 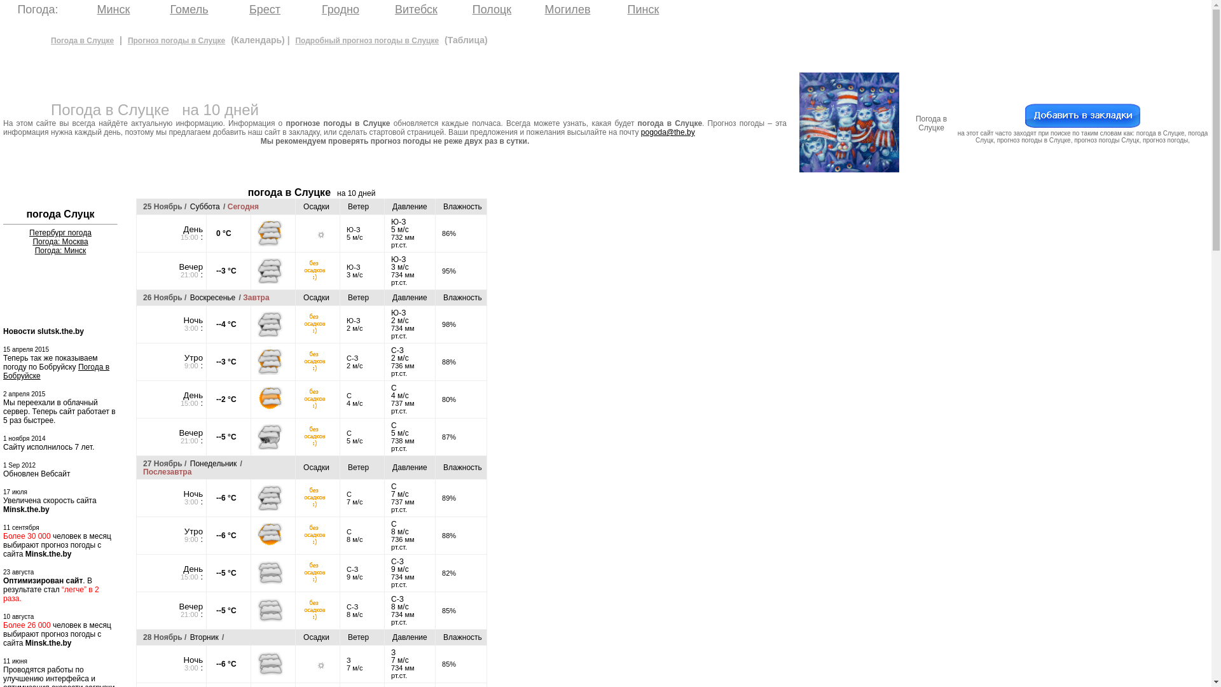 What do you see at coordinates (667, 132) in the screenshot?
I see `'pogoda@the.by'` at bounding box center [667, 132].